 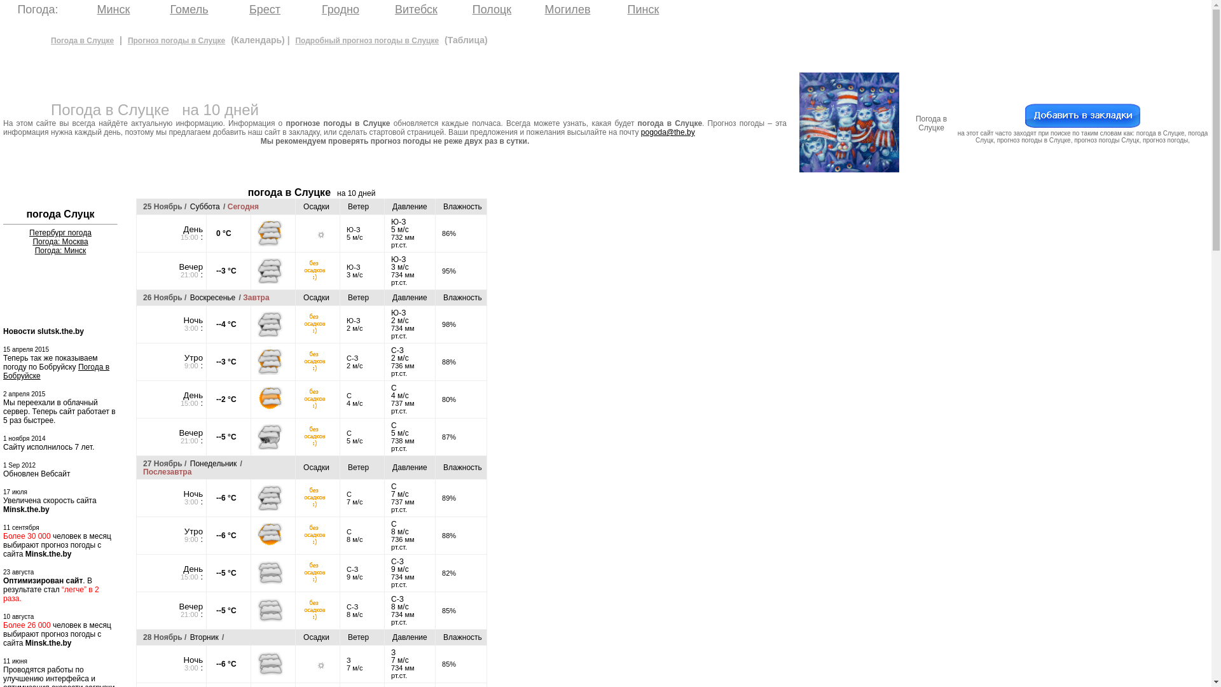 What do you see at coordinates (667, 132) in the screenshot?
I see `'pogoda@the.by'` at bounding box center [667, 132].